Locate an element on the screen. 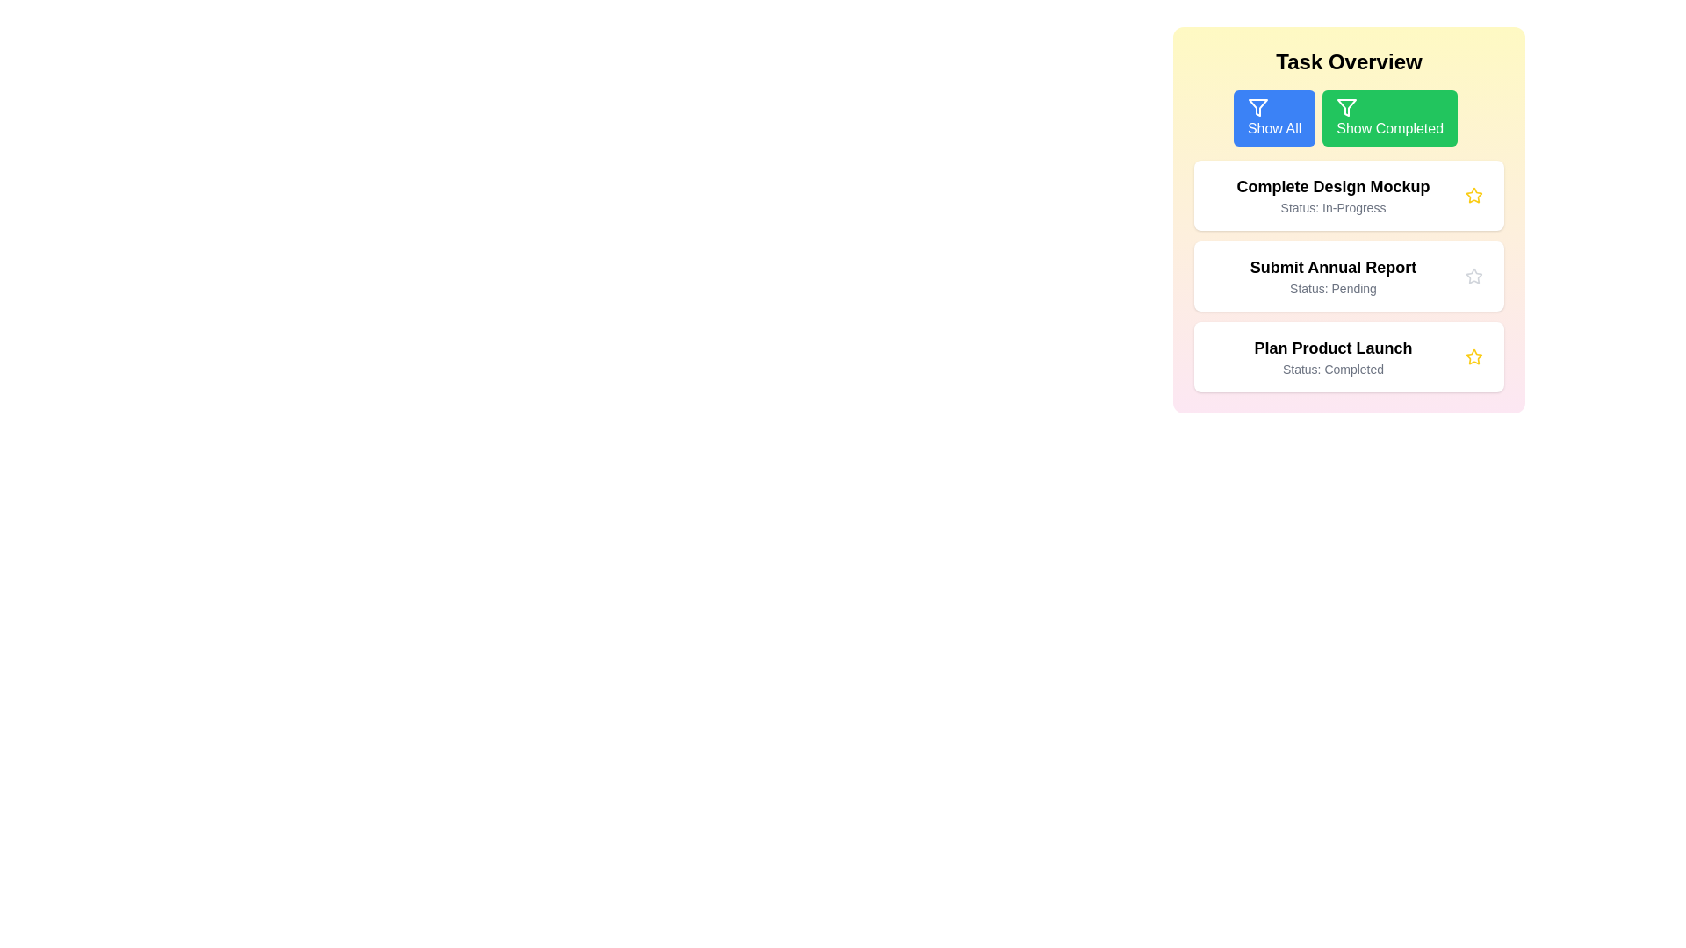 The image size is (1686, 948). 'Show All' button to display all tasks is located at coordinates (1274, 118).